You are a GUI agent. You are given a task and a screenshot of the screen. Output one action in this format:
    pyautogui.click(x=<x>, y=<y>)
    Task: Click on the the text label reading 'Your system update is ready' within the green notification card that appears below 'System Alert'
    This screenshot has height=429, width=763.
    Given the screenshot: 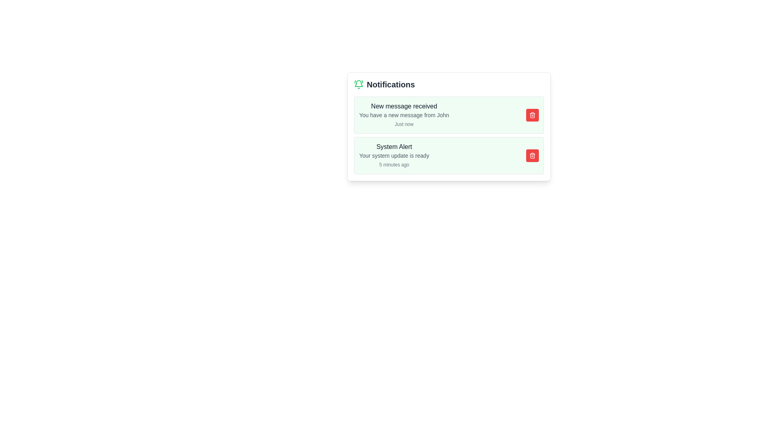 What is the action you would take?
    pyautogui.click(x=394, y=156)
    